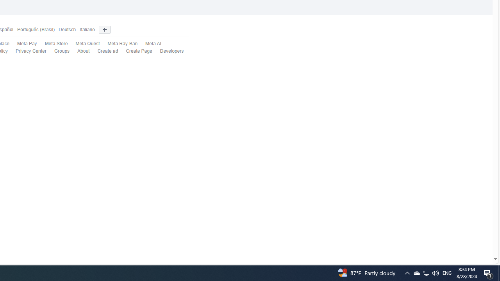  What do you see at coordinates (122, 44) in the screenshot?
I see `'Meta Ray-Ban'` at bounding box center [122, 44].